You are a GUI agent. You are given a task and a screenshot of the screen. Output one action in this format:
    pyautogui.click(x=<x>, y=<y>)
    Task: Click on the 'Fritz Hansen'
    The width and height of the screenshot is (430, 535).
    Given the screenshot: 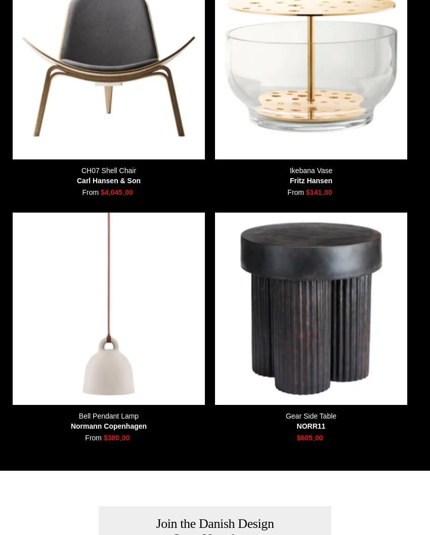 What is the action you would take?
    pyautogui.click(x=289, y=180)
    